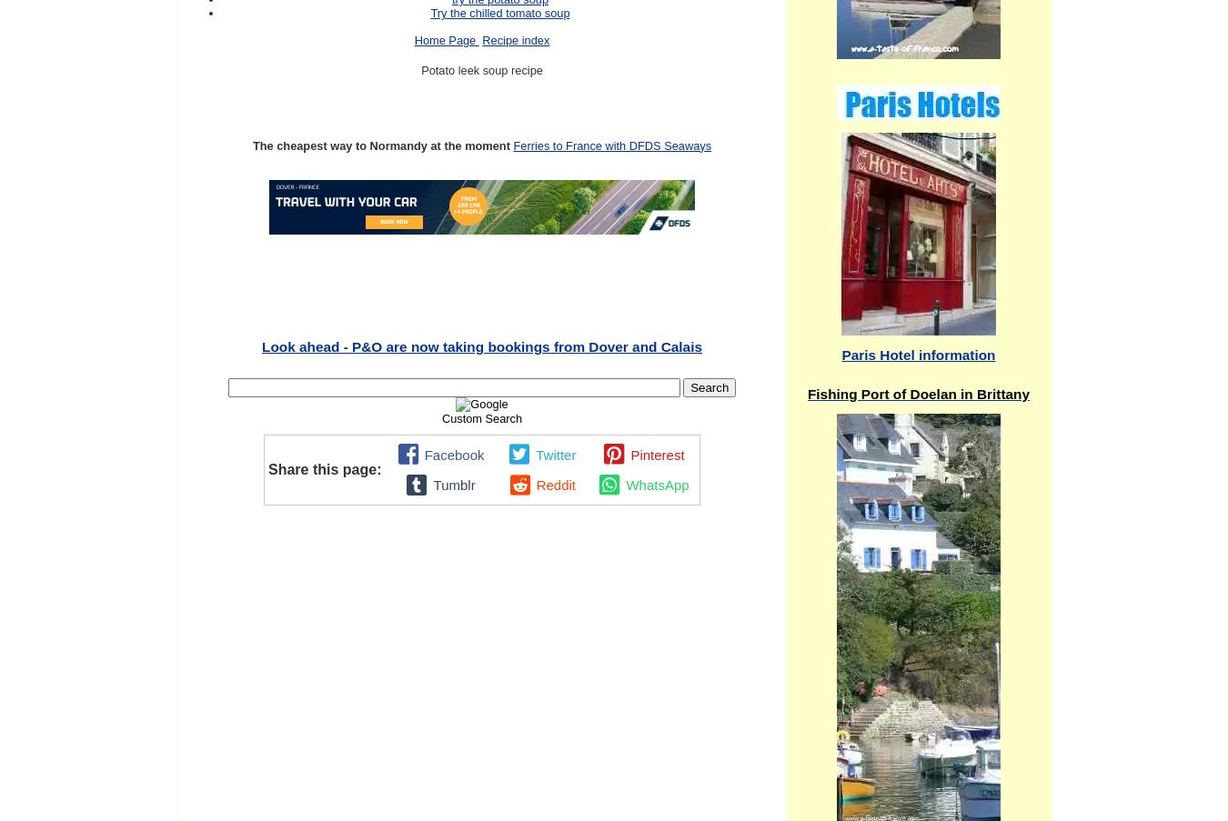 The width and height of the screenshot is (1228, 821). Describe the element at coordinates (554, 504) in the screenshot. I see `'Ardres Christmas market in the the main shopping street see our photos and travel guide.Hotels and cottage accommodation in Northern France'` at that location.